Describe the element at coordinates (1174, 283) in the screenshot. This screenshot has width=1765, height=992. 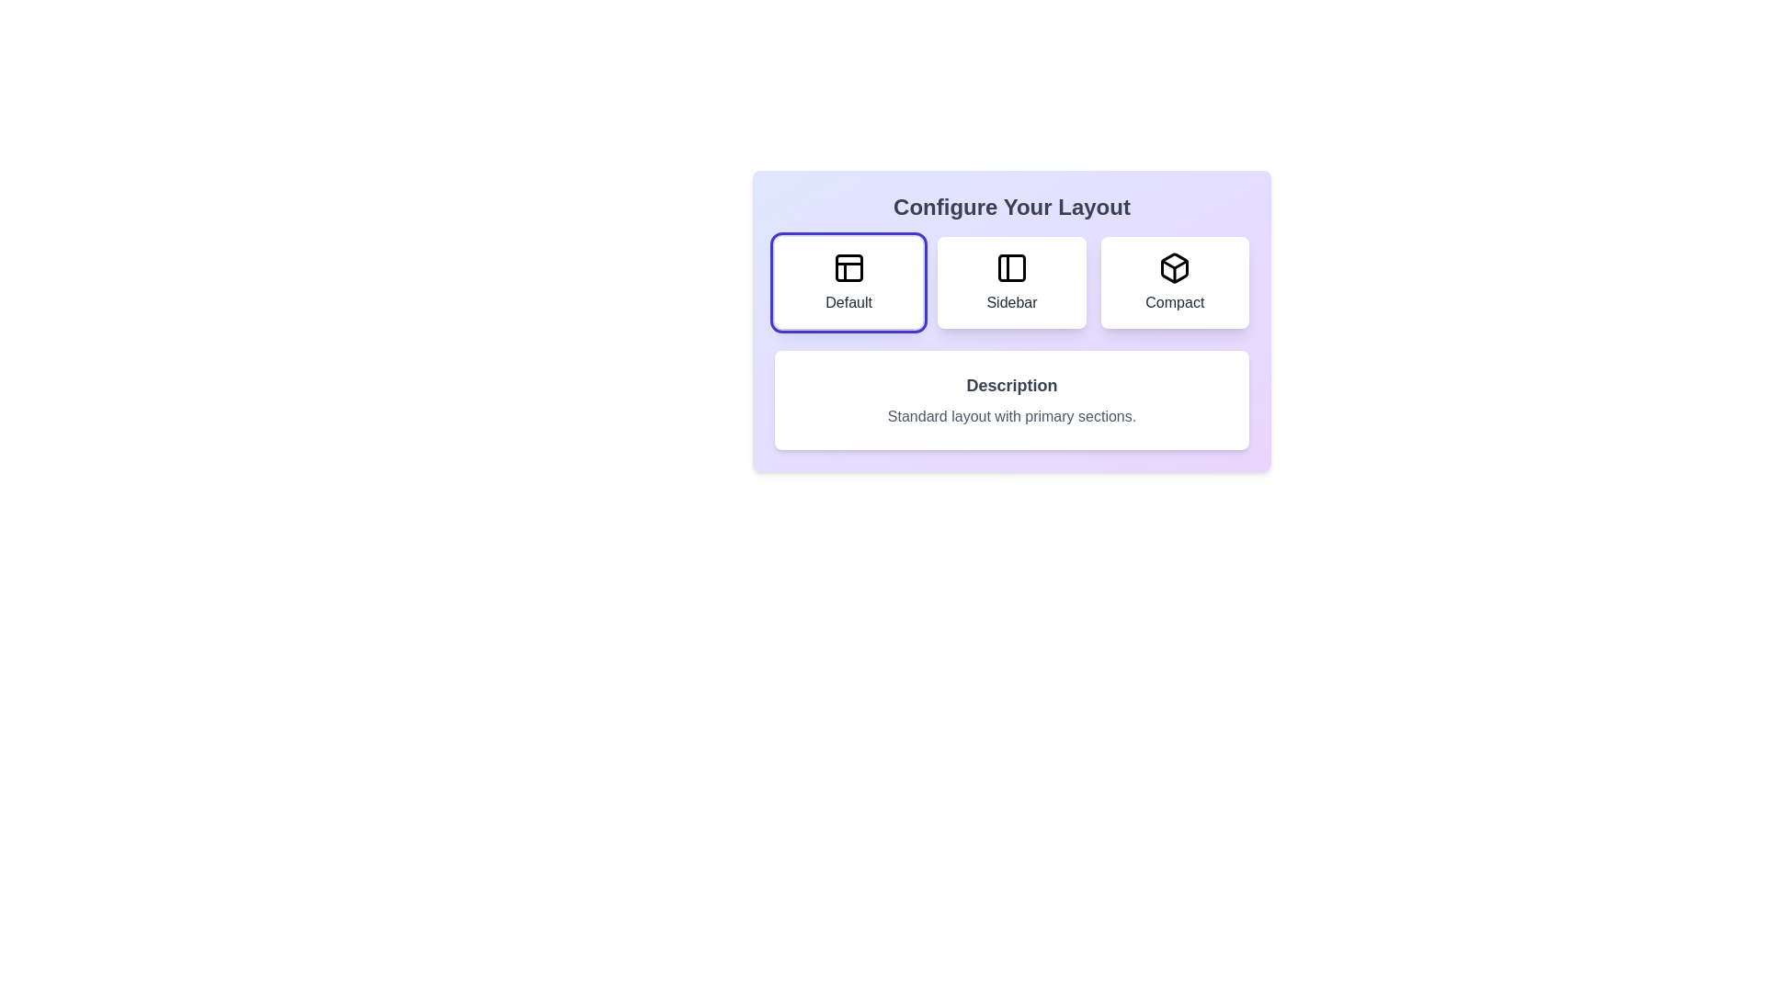
I see `the layout option Compact for visual inspection` at that location.